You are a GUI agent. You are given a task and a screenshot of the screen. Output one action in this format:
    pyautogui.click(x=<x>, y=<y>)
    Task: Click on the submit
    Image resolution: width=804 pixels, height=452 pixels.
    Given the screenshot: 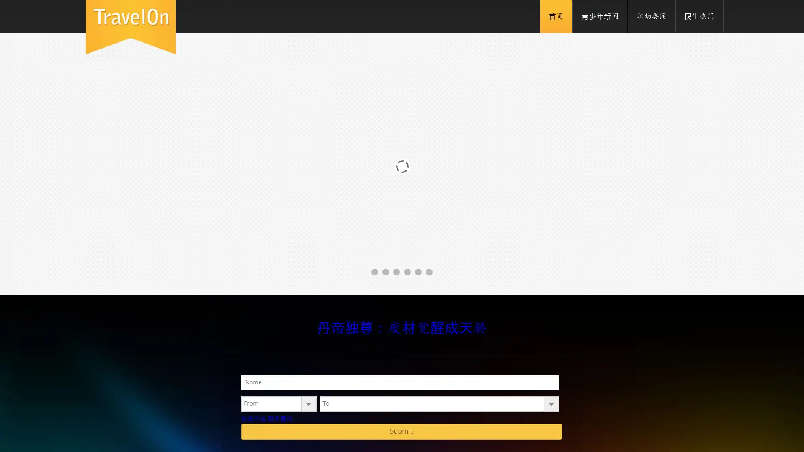 What is the action you would take?
    pyautogui.click(x=401, y=431)
    